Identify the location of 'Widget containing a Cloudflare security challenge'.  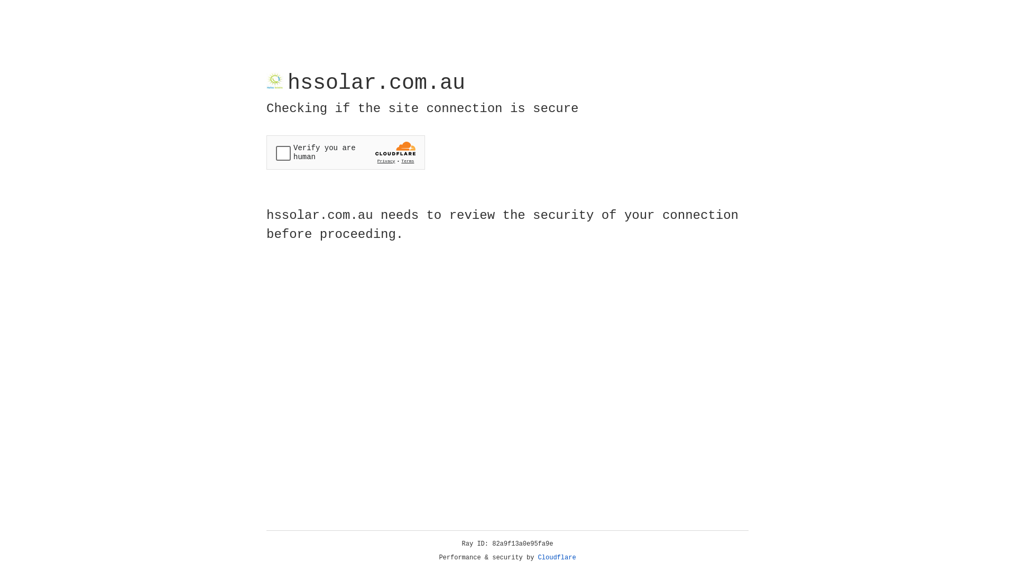
(345, 152).